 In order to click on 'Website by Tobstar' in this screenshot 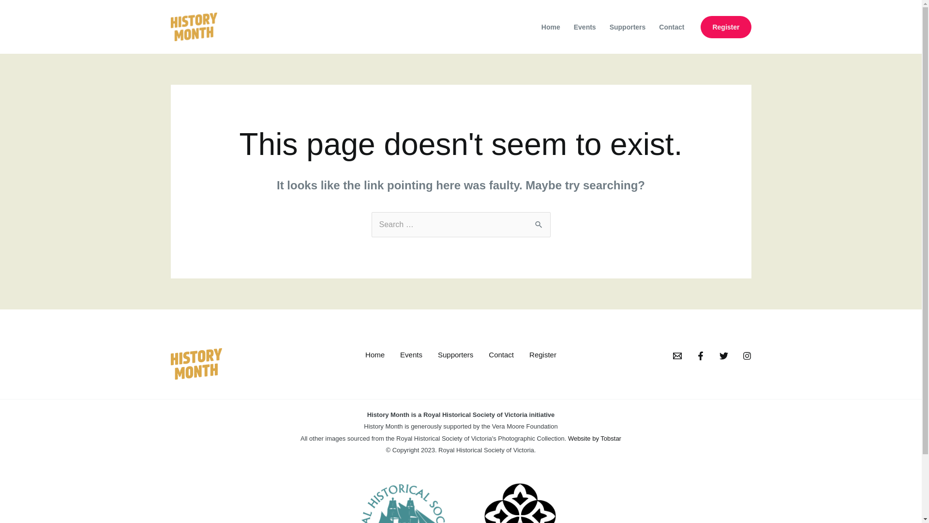, I will do `click(594, 438)`.